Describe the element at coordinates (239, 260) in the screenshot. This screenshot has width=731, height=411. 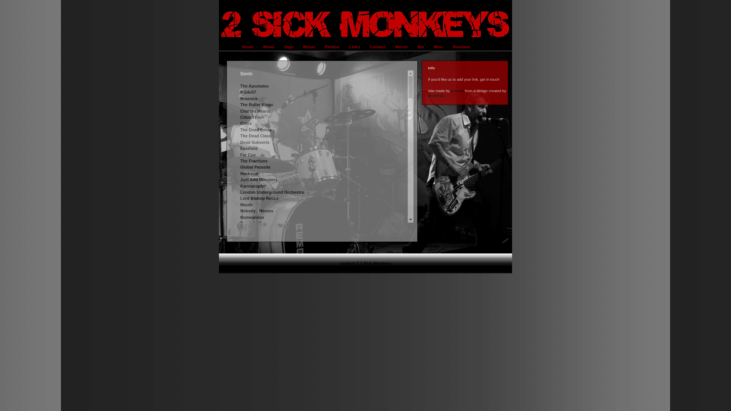
I see `'Rudimentary Peni'` at that location.